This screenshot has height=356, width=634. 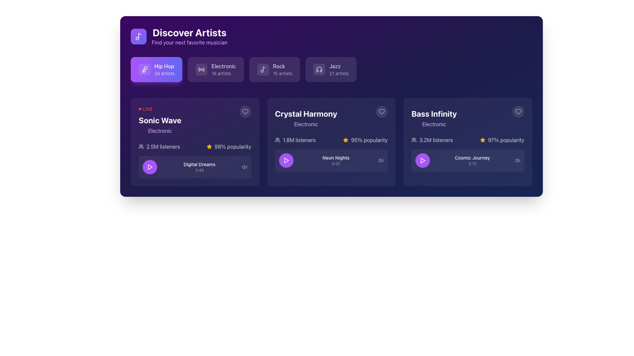 I want to click on text content of the media item titled 'Cosmic Journey' with duration '5:15', located beneath the purple play button within the 'Bass Infinity' card, so click(x=472, y=160).